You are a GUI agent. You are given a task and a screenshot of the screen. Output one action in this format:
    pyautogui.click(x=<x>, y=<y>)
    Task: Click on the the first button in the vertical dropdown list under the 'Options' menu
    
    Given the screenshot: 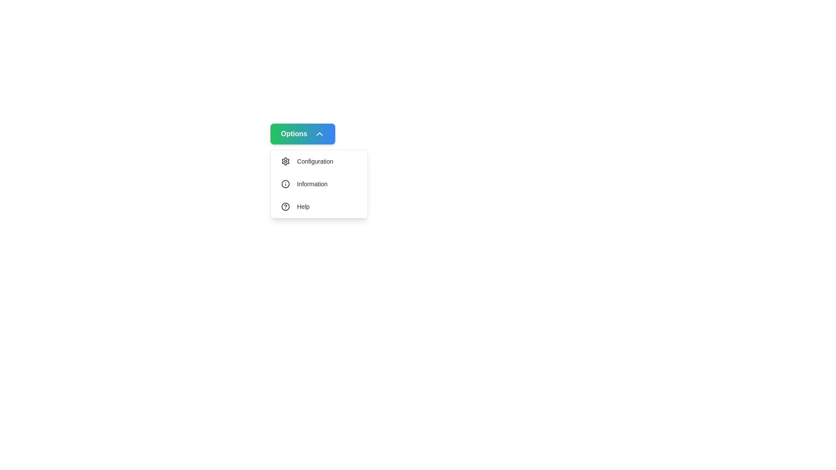 What is the action you would take?
    pyautogui.click(x=319, y=161)
    